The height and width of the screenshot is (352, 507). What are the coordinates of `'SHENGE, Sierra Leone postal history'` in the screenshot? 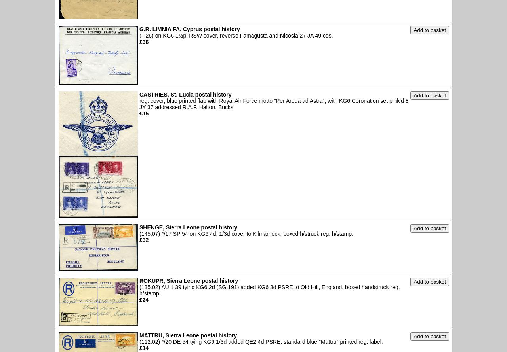 It's located at (139, 227).